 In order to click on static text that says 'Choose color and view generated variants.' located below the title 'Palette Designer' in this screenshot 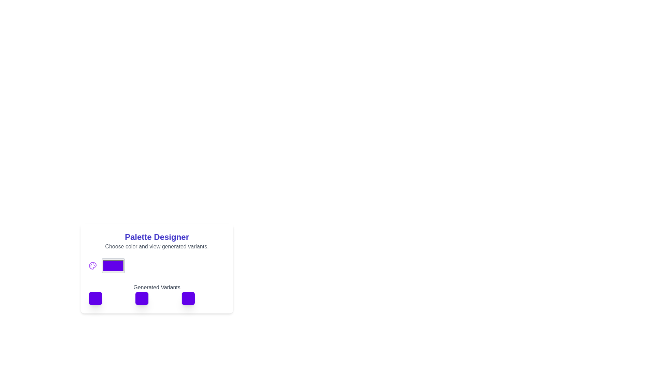, I will do `click(157, 247)`.